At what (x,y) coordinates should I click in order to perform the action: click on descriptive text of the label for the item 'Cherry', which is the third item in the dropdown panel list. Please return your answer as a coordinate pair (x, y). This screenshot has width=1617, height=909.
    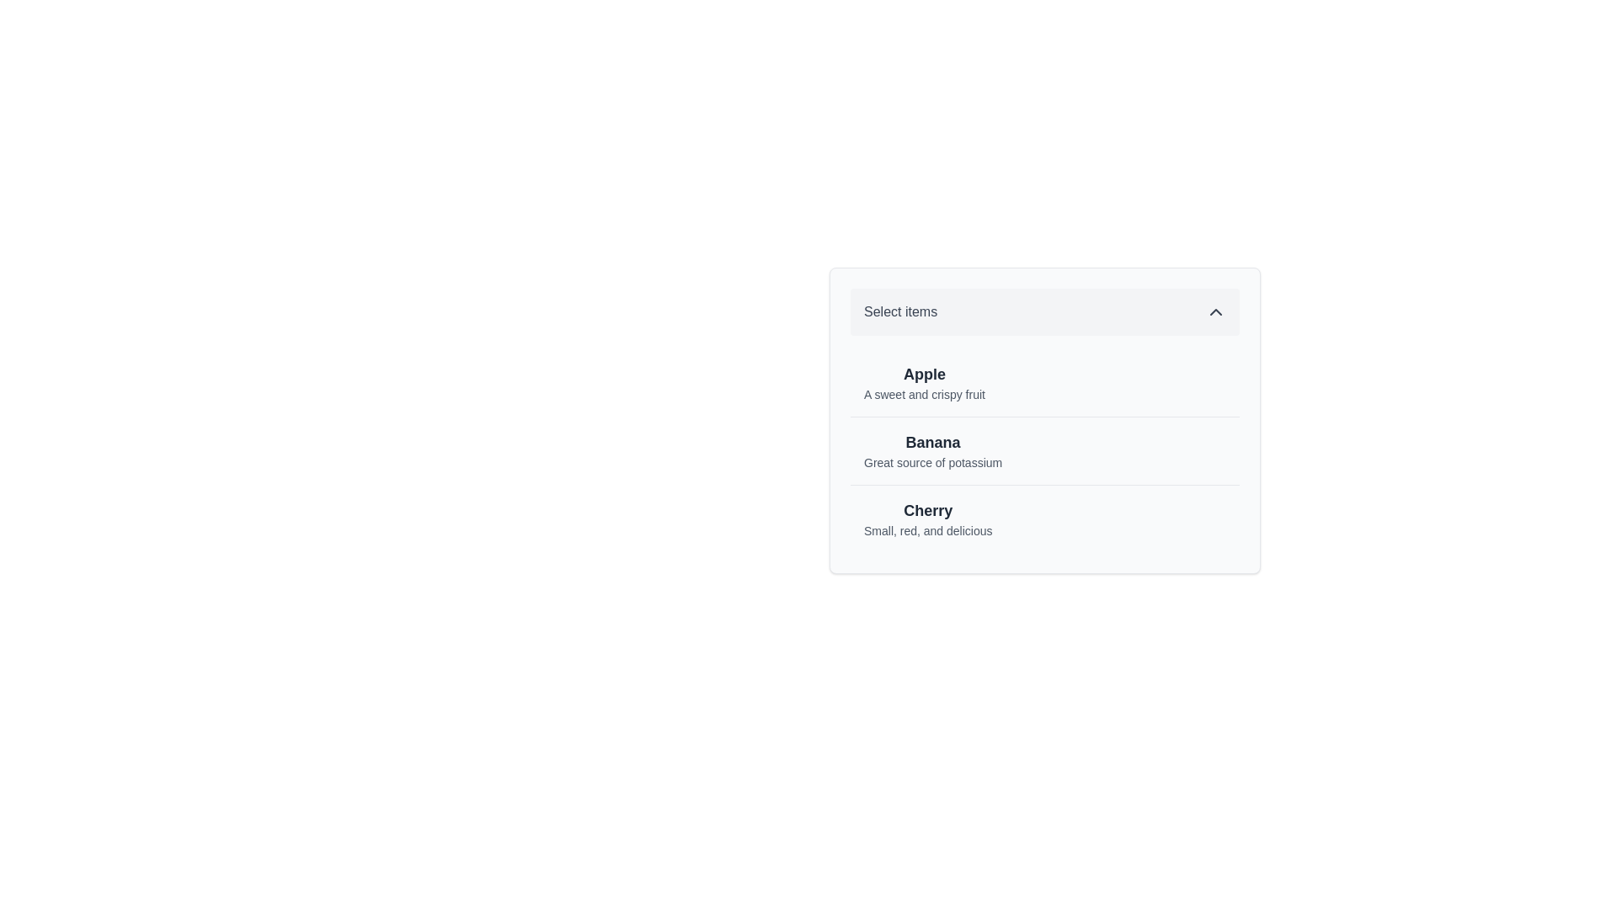
    Looking at the image, I should click on (927, 518).